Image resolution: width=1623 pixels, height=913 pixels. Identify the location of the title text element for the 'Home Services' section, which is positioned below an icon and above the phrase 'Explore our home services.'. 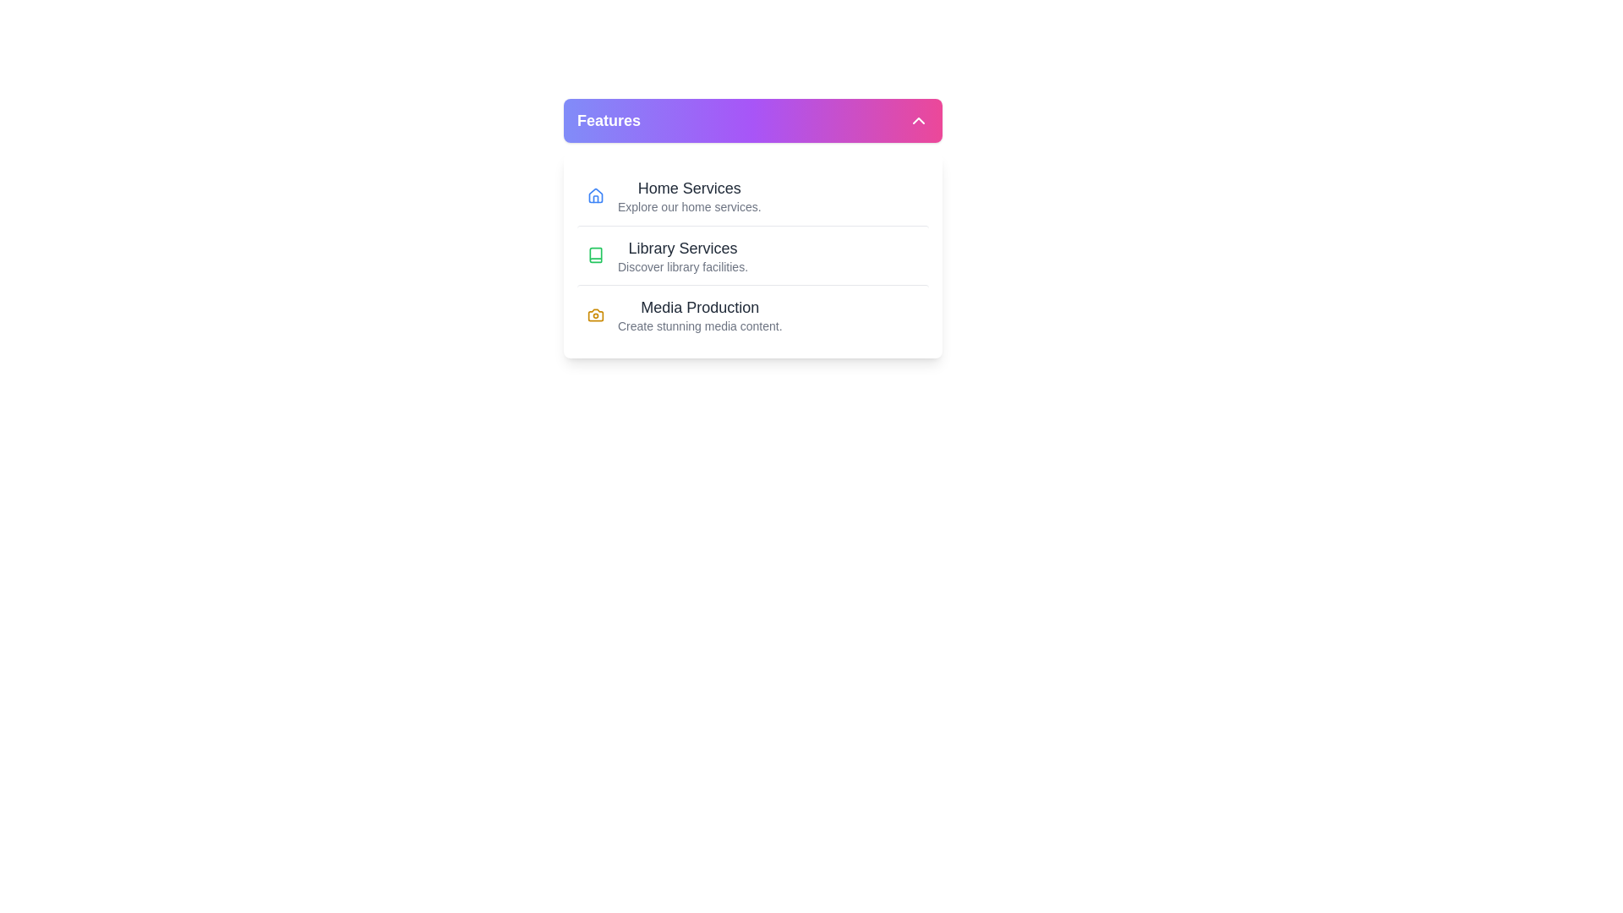
(689, 189).